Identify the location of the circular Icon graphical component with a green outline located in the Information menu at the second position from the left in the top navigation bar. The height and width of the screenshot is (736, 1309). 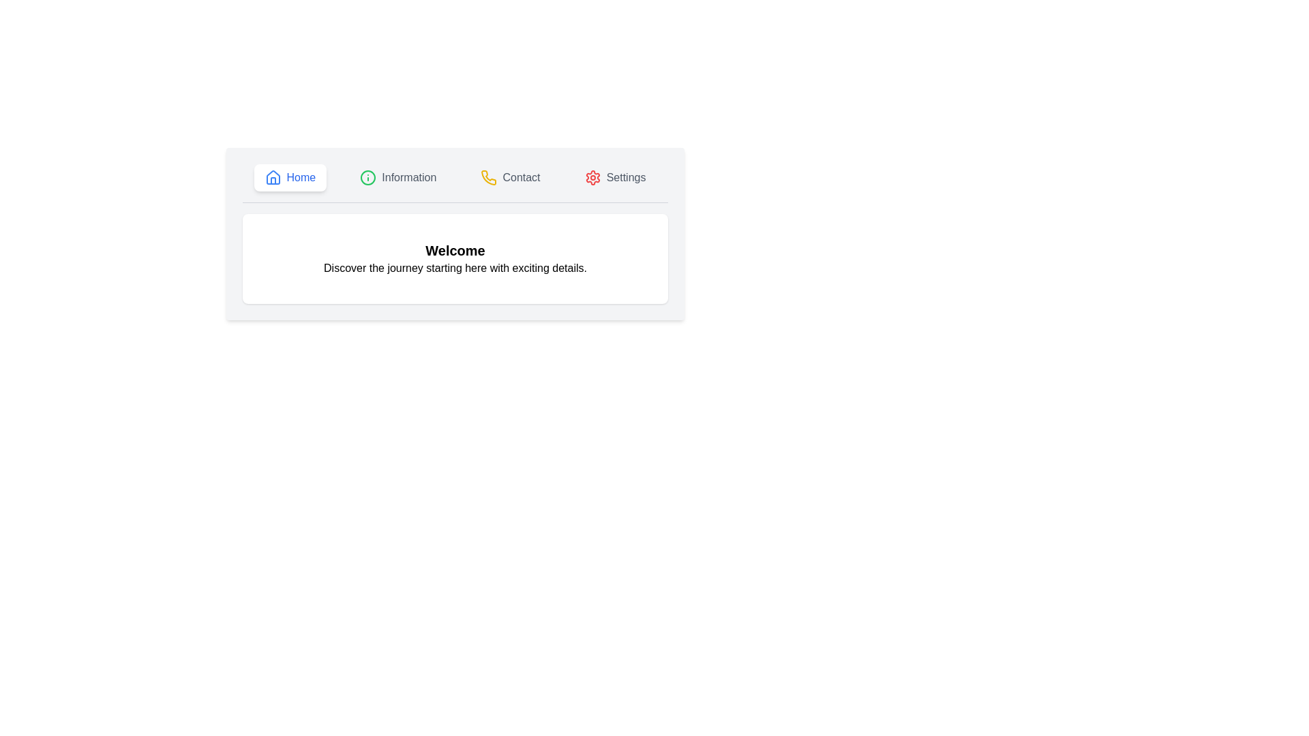
(368, 177).